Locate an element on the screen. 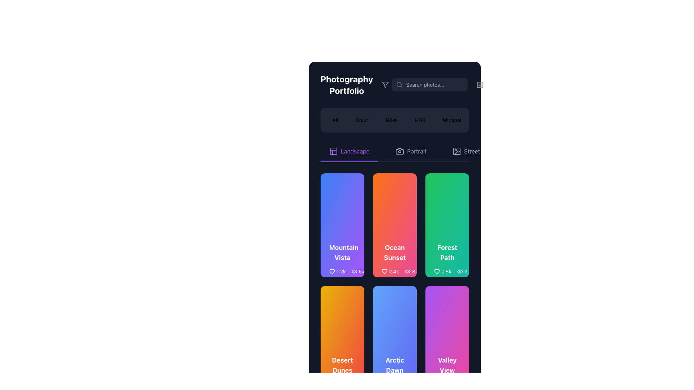  the 'Landscape' filter button located below the 'Photography Portfolio' header is located at coordinates (349, 151).